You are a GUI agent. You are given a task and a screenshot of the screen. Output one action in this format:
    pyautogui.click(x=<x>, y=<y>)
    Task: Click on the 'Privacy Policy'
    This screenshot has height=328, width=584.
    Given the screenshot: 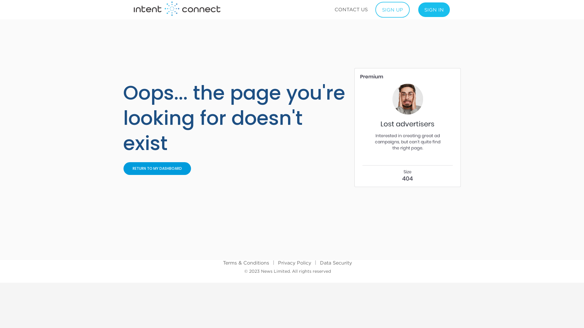 What is the action you would take?
    pyautogui.click(x=294, y=262)
    